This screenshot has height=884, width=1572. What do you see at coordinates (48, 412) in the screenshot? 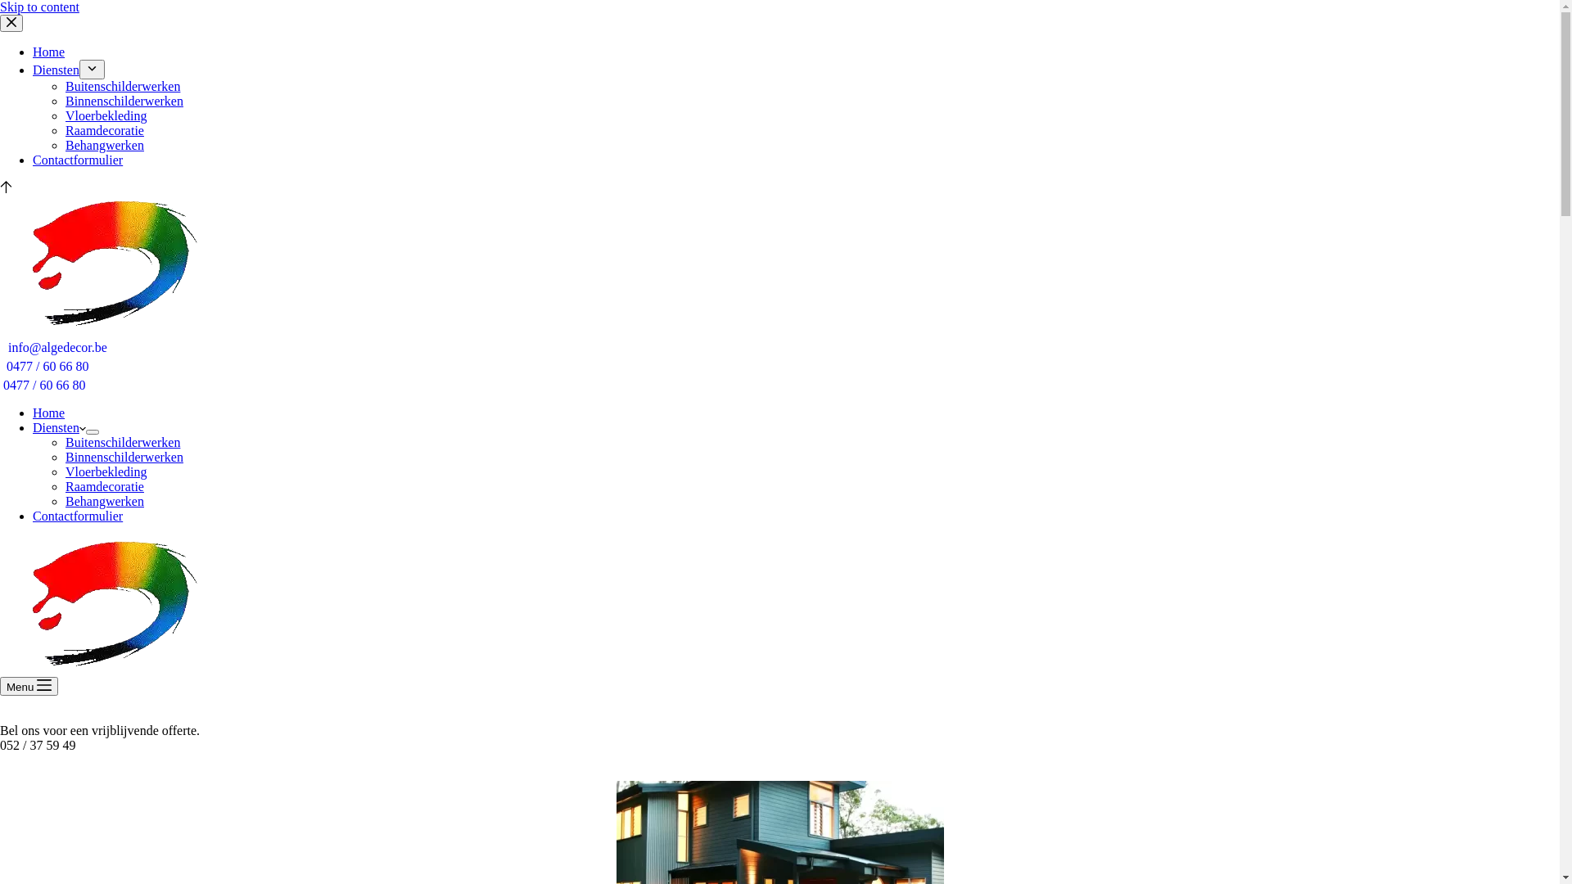
I see `'Home'` at bounding box center [48, 412].